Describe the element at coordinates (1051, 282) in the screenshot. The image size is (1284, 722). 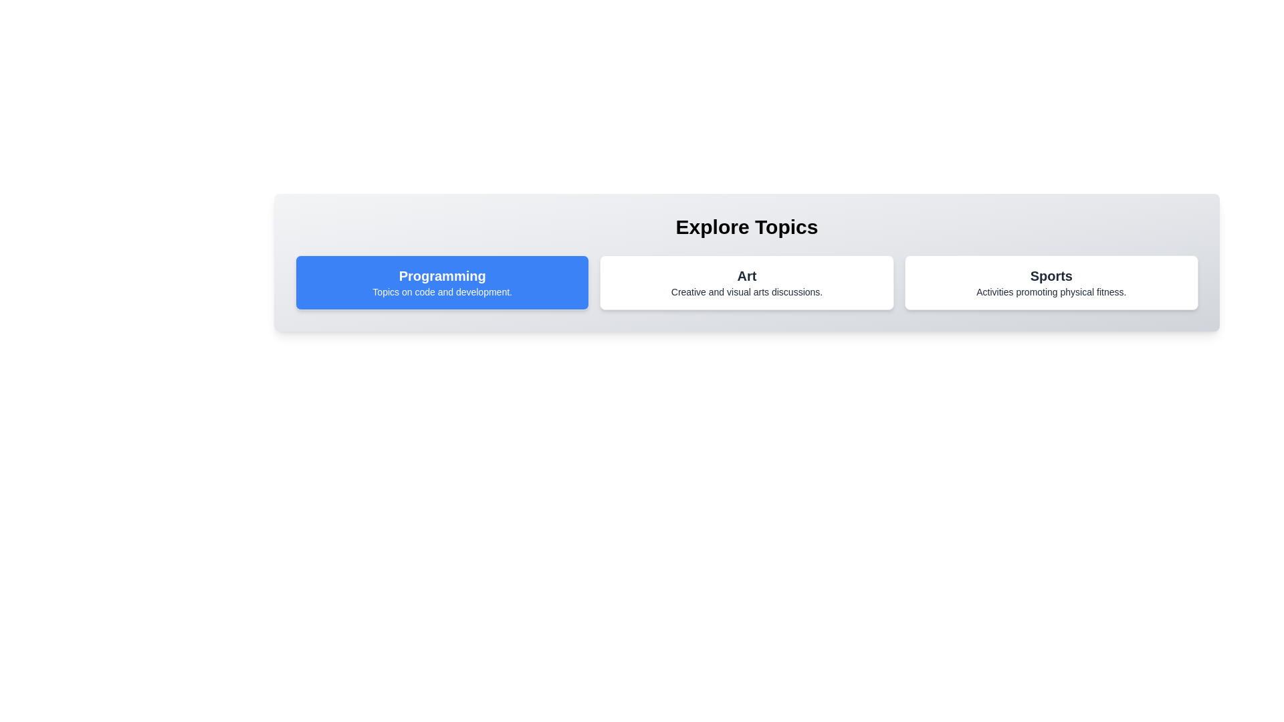
I see `the topic card labeled 'Sports' to see the hover effect` at that location.